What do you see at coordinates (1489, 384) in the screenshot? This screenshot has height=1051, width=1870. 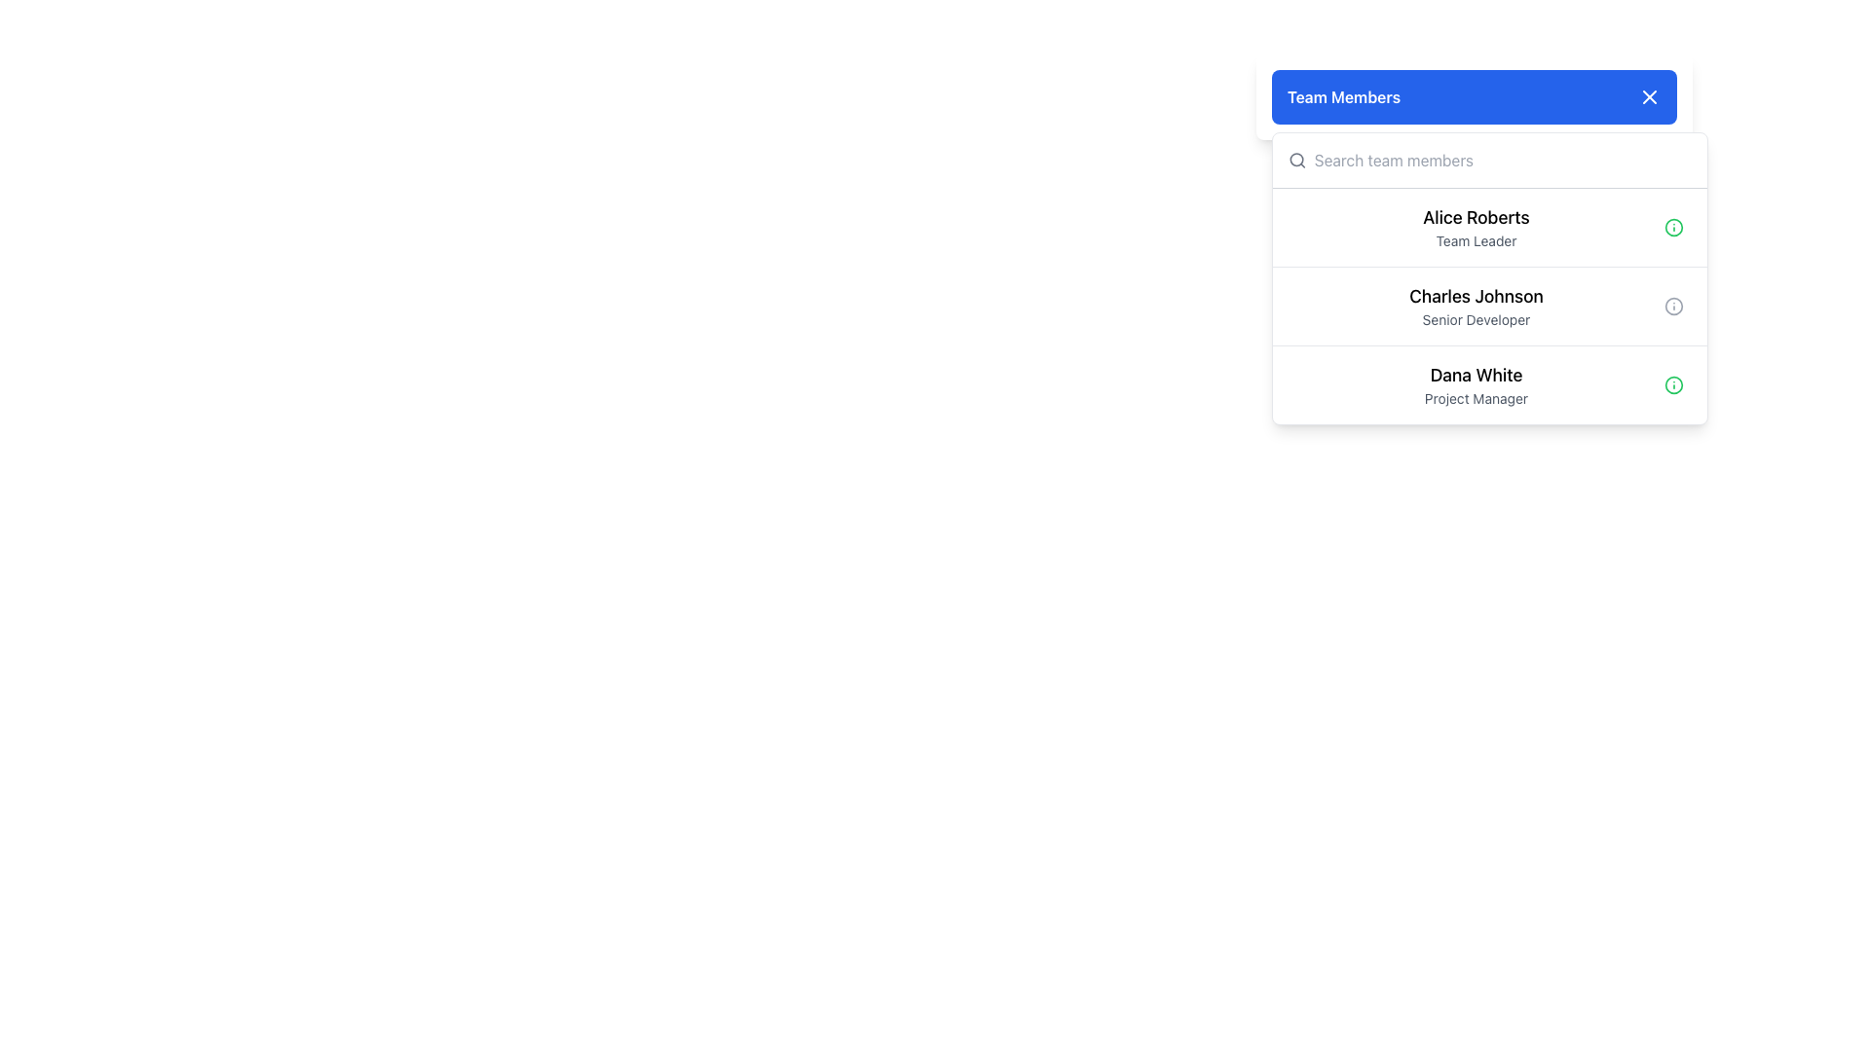 I see `the third selectable list item` at bounding box center [1489, 384].